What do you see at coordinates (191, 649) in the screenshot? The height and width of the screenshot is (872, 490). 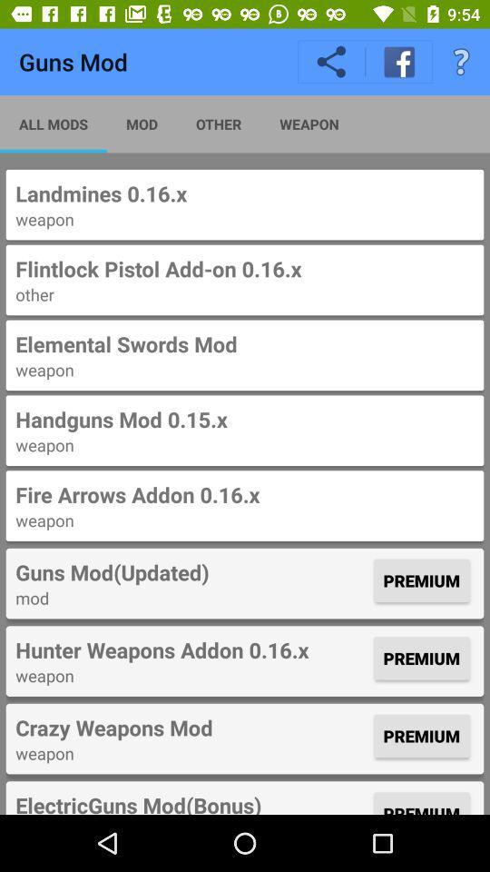 I see `the item to the left of premium item` at bounding box center [191, 649].